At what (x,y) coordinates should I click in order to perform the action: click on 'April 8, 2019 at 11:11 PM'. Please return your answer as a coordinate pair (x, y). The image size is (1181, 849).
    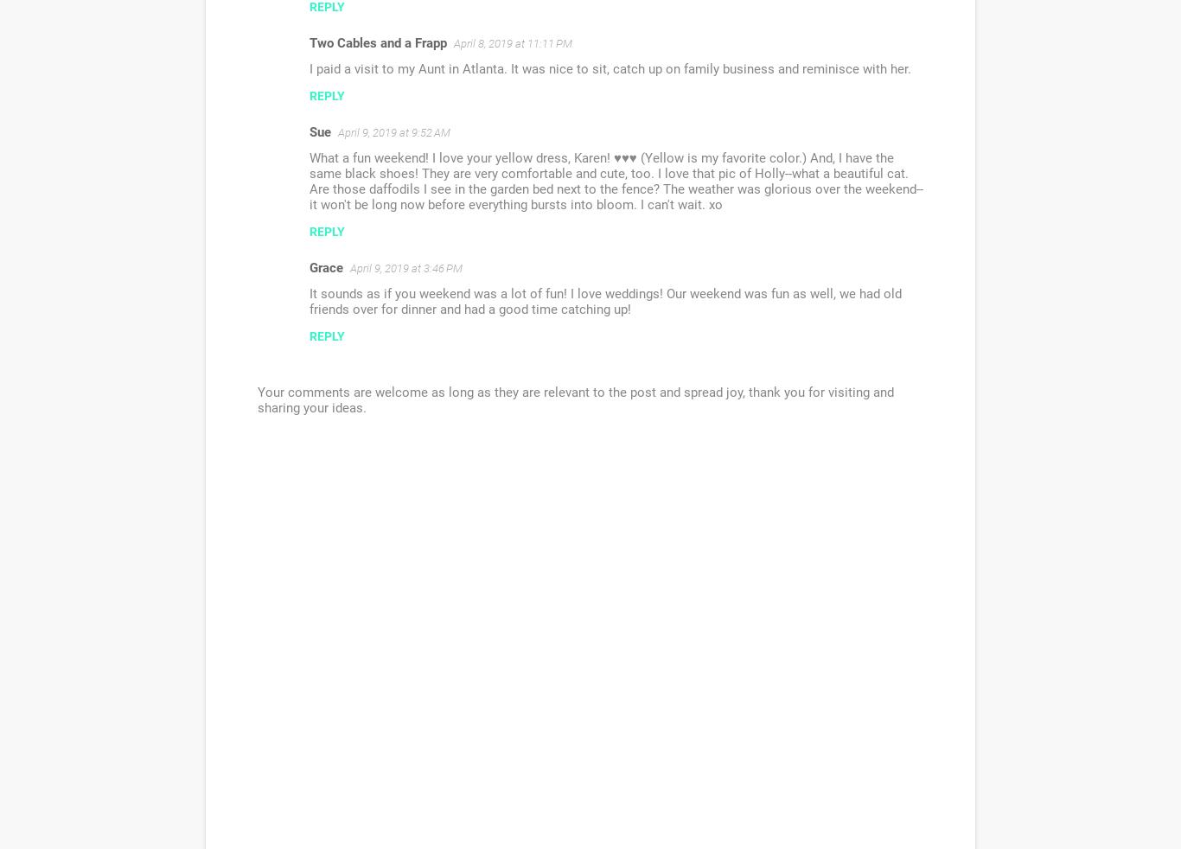
    Looking at the image, I should click on (453, 42).